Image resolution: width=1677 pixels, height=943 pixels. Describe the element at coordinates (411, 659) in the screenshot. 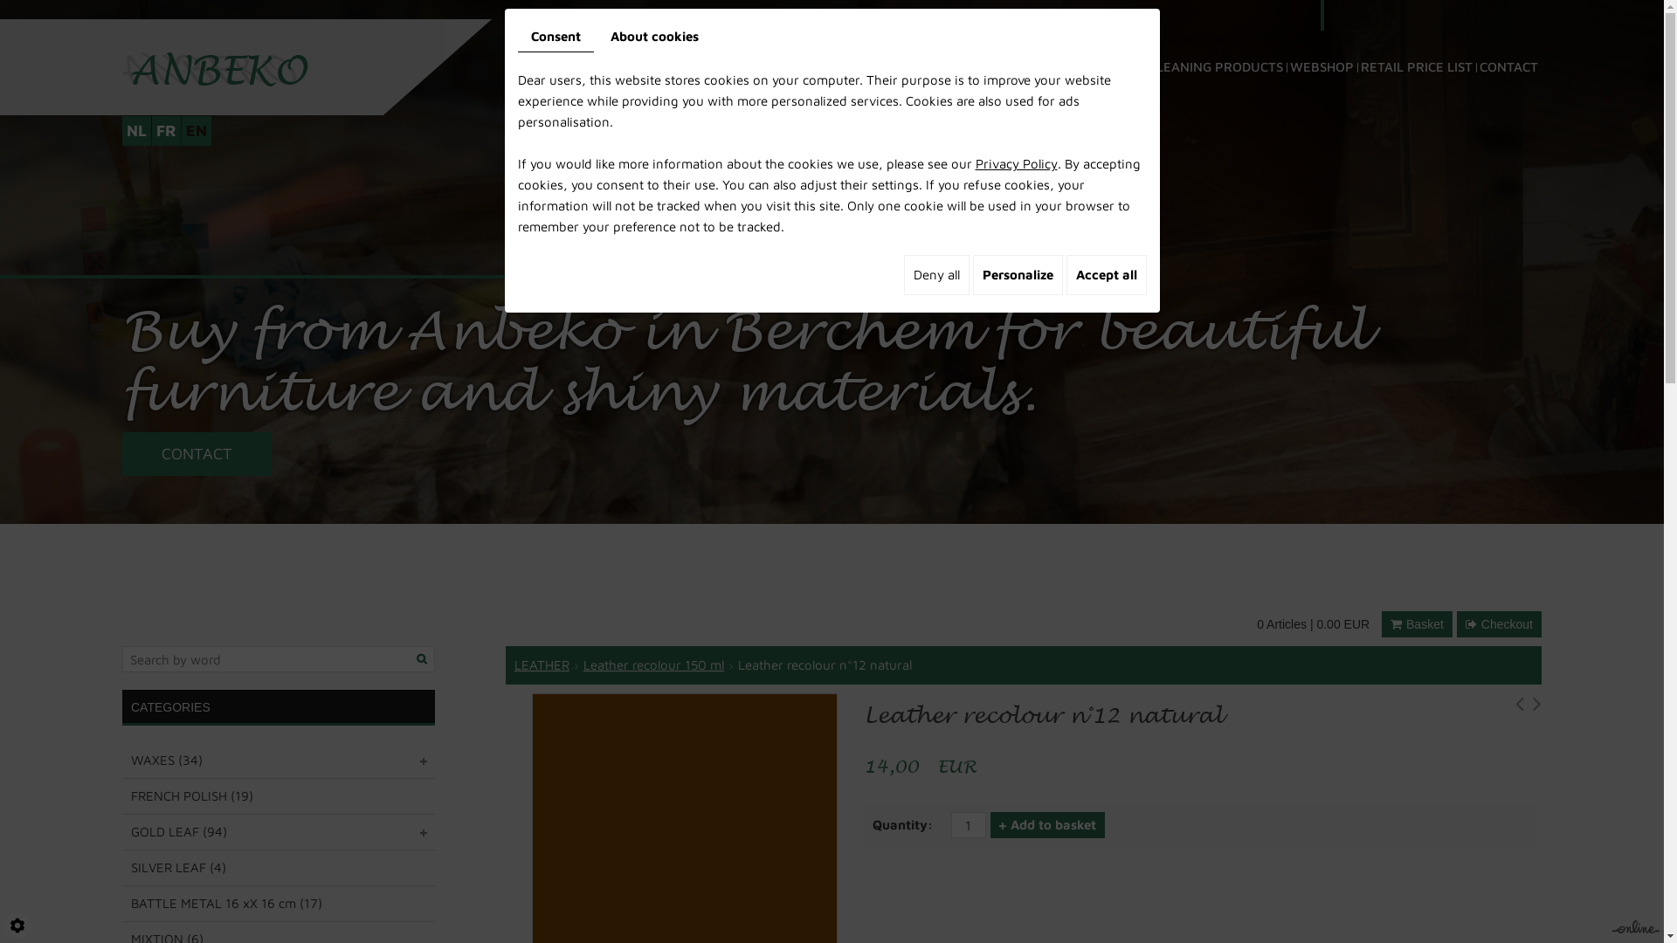

I see `'Apply'` at that location.